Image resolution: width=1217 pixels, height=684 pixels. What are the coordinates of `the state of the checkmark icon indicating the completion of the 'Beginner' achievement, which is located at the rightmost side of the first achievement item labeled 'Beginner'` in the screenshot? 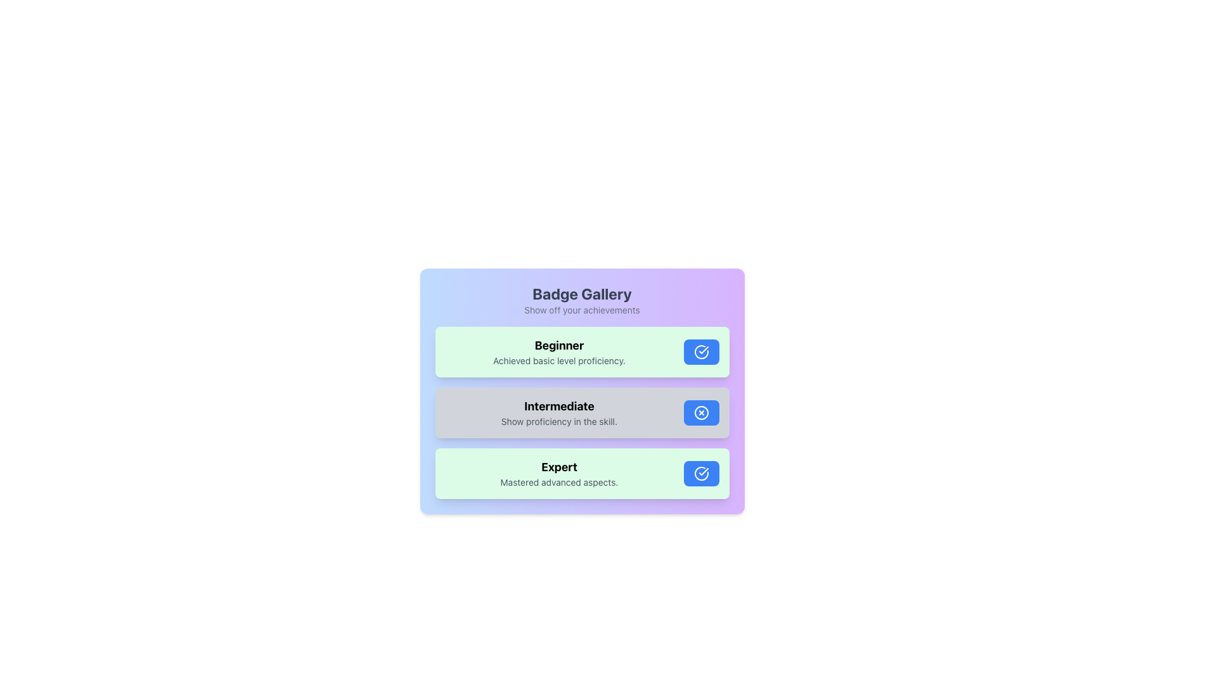 It's located at (702, 471).